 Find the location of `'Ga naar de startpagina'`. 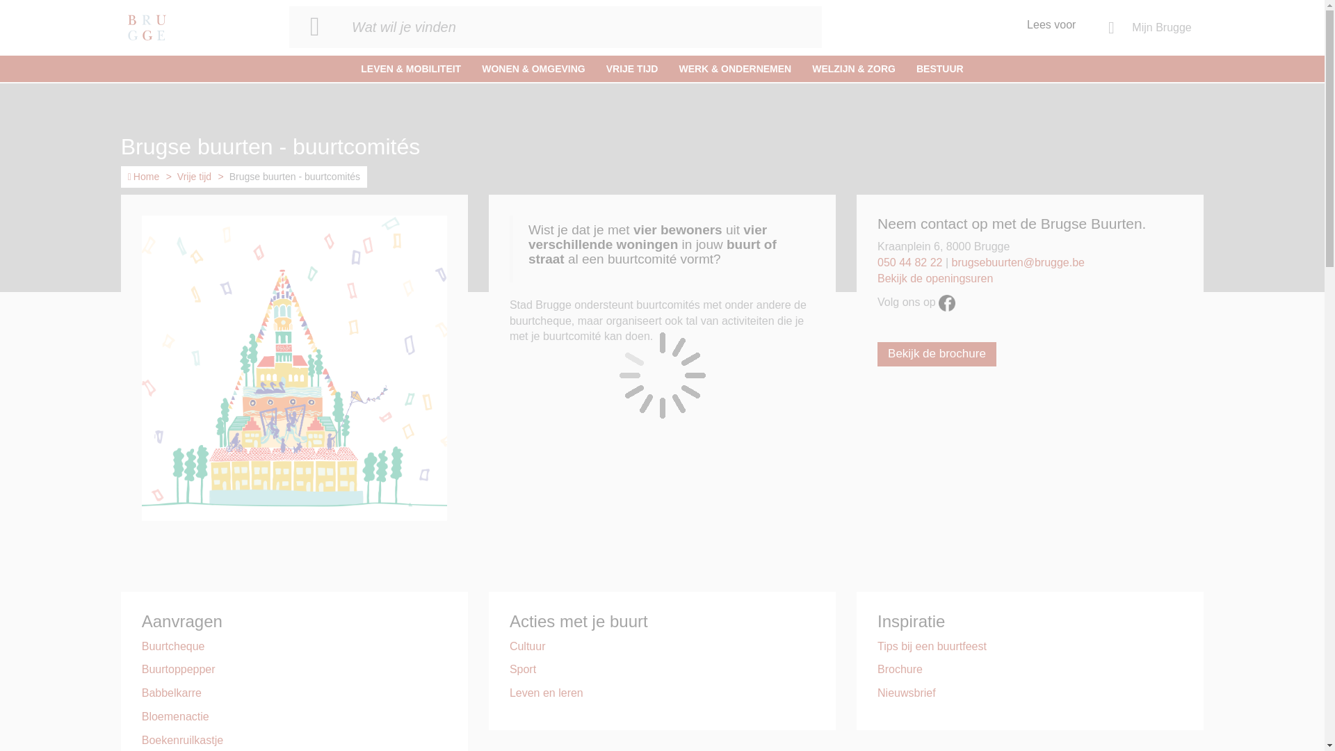

'Ga naar de startpagina' is located at coordinates (147, 27).